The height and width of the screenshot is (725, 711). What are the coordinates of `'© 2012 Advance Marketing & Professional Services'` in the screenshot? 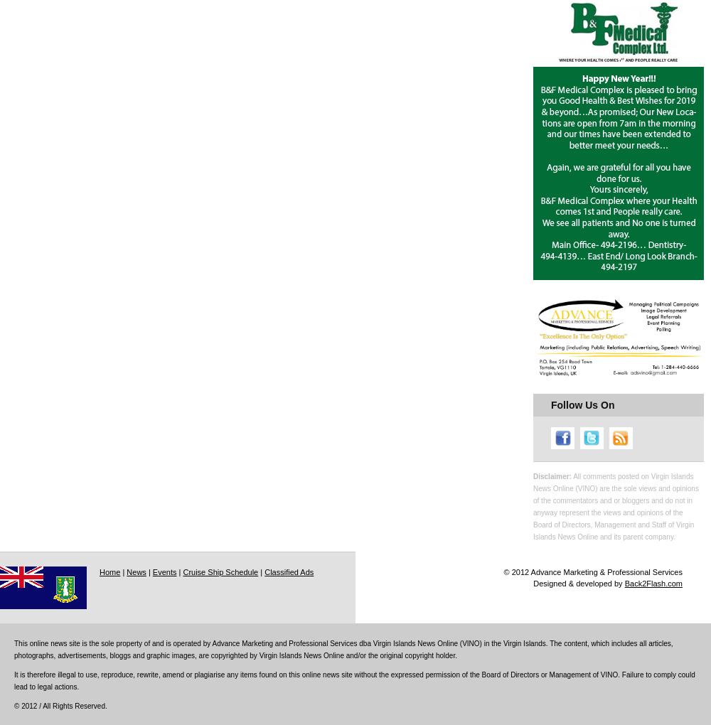 It's located at (503, 570).